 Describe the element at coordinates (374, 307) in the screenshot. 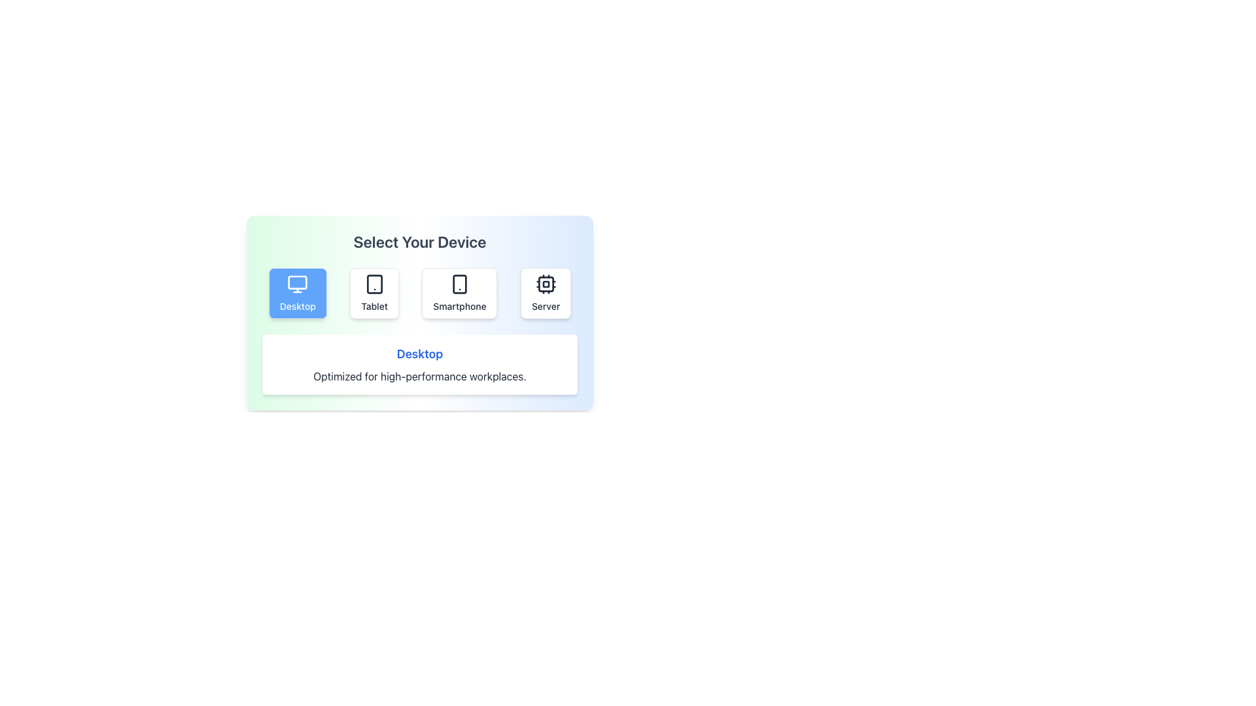

I see `text label that displays 'Tablet', which is styled with a small font size and medium weight, appearing in black against a white background` at that location.